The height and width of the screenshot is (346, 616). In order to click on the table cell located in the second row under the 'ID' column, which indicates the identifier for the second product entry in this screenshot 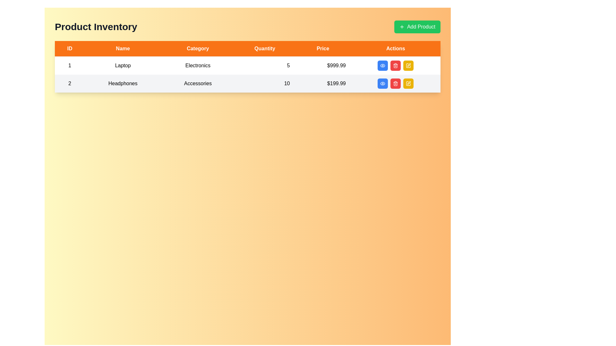, I will do `click(70, 83)`.